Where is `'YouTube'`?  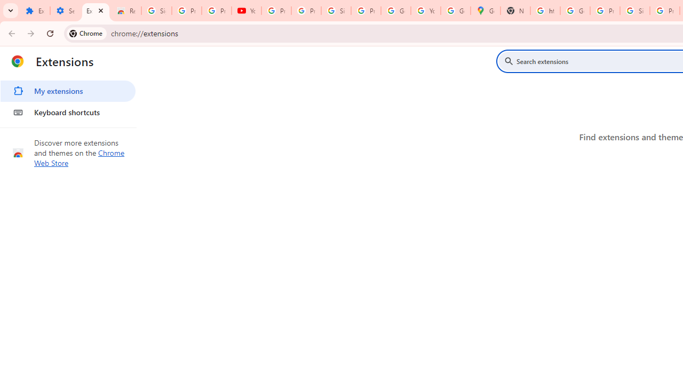
'YouTube' is located at coordinates (246, 11).